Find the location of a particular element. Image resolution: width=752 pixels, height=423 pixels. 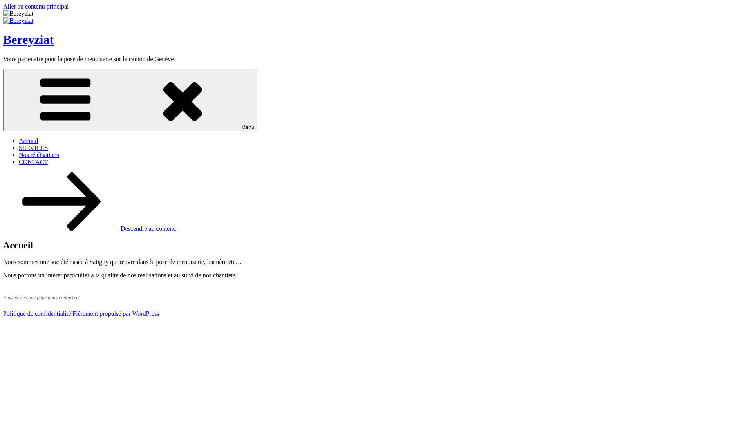

'Aller au contenu principal' is located at coordinates (35, 6).